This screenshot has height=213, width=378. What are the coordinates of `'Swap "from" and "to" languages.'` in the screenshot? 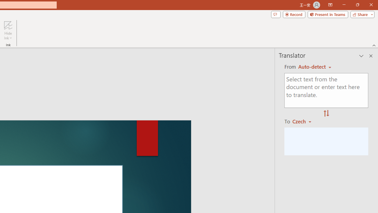 It's located at (326, 114).